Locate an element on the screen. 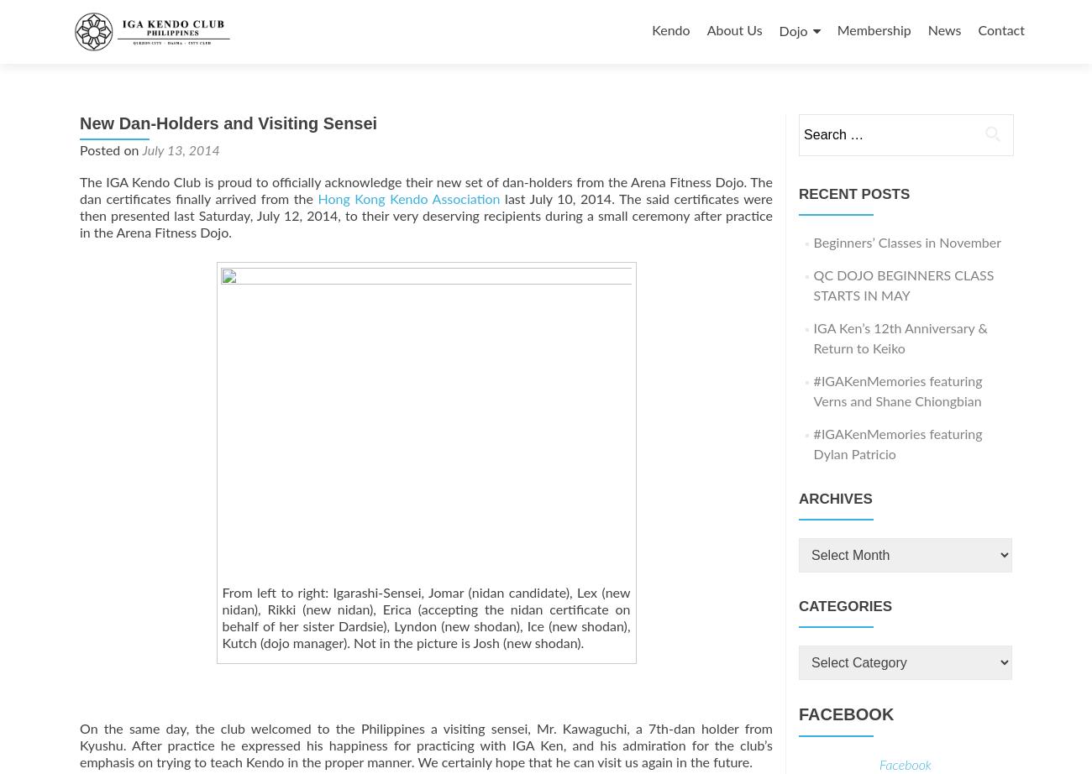  'Hong Kong Kendo Association' is located at coordinates (407, 198).